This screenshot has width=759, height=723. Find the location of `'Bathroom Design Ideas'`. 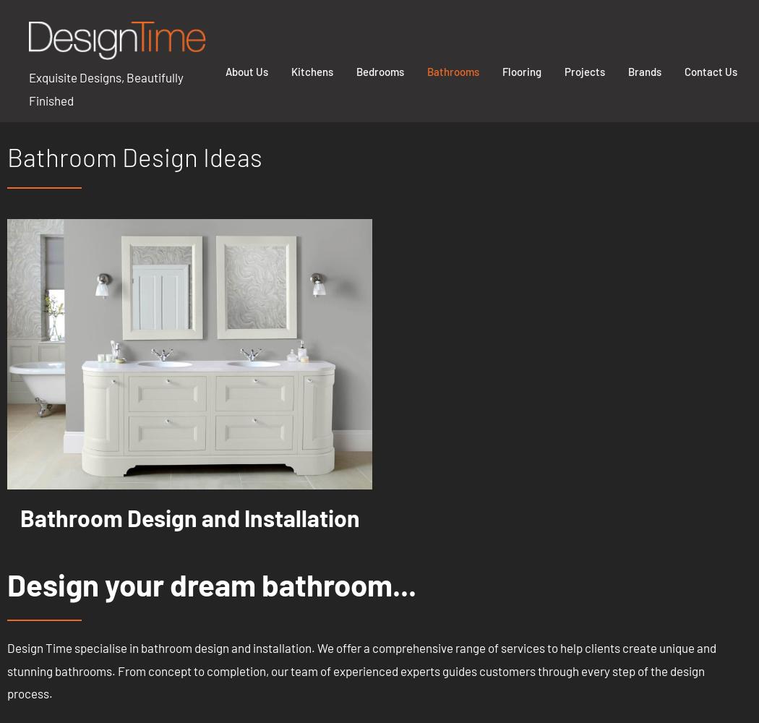

'Bathroom Design Ideas' is located at coordinates (134, 155).